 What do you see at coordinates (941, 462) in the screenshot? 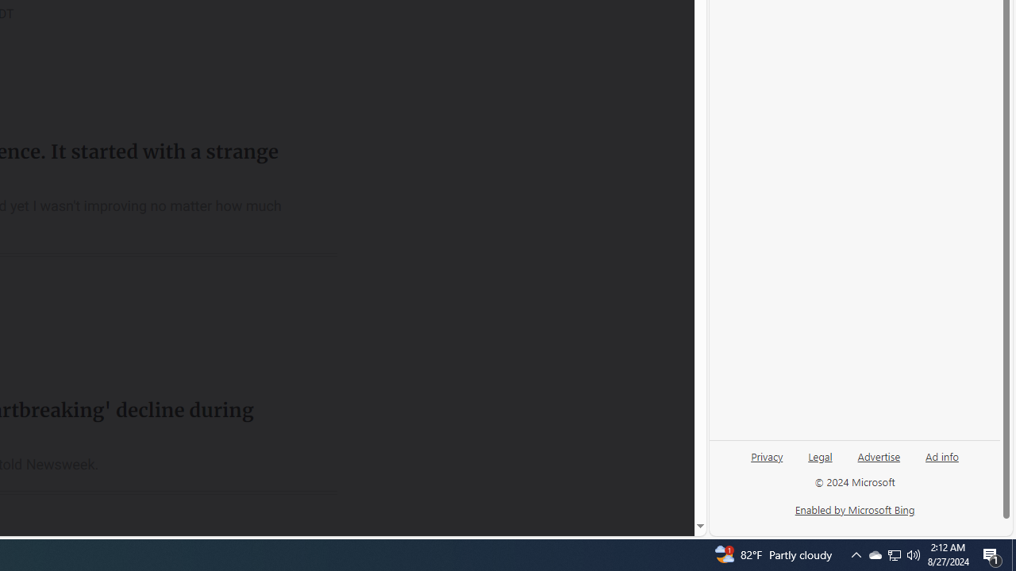
I see `'Ad info'` at bounding box center [941, 462].